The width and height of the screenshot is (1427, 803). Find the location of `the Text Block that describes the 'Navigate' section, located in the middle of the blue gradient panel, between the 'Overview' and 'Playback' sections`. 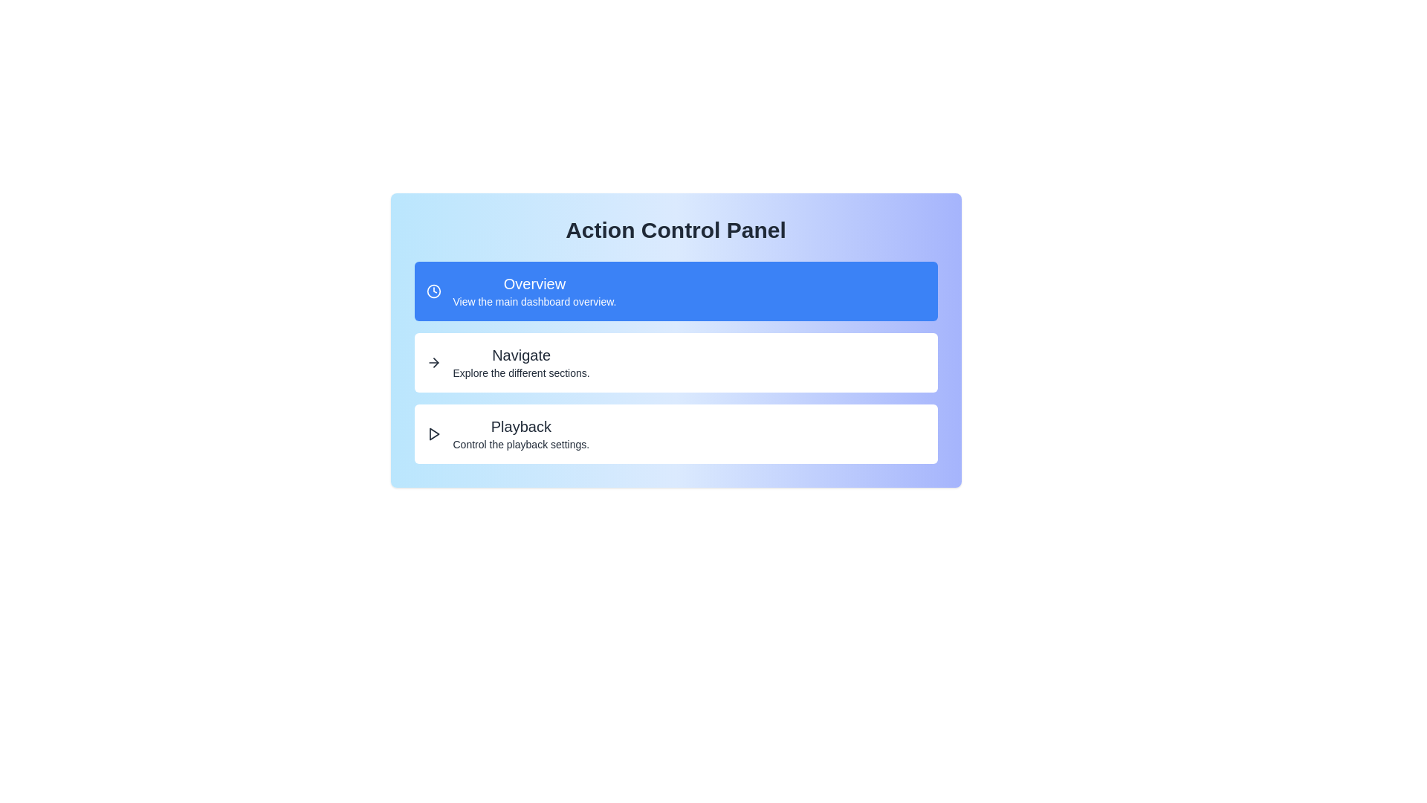

the Text Block that describes the 'Navigate' section, located in the middle of the blue gradient panel, between the 'Overview' and 'Playback' sections is located at coordinates (521, 363).